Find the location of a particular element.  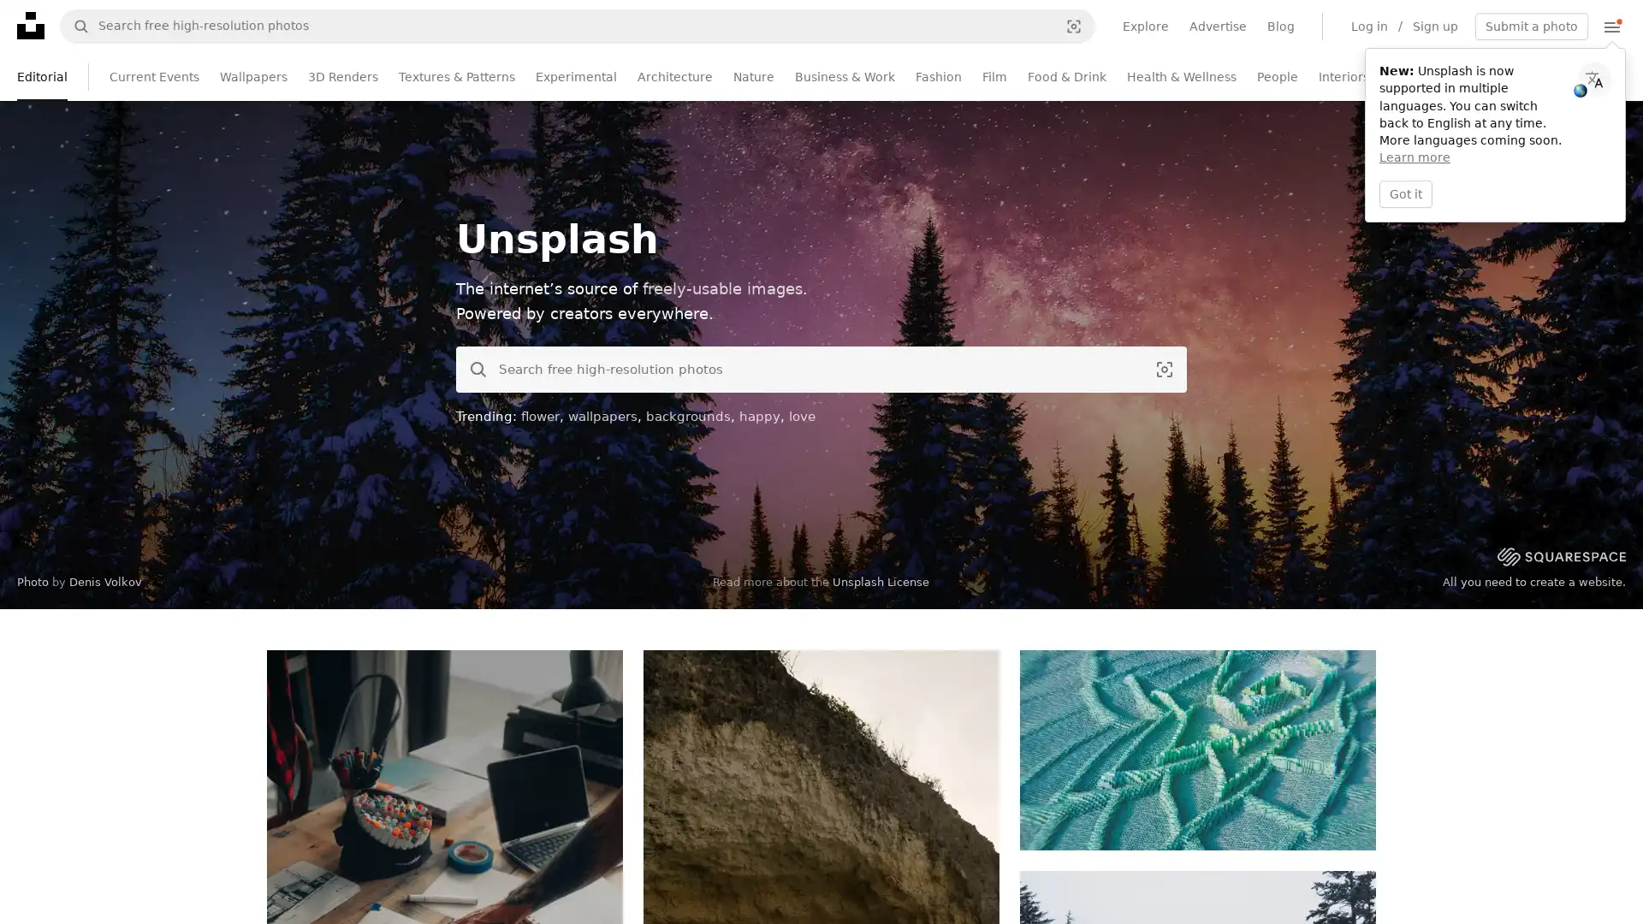

Search Unsplash is located at coordinates (472, 369).